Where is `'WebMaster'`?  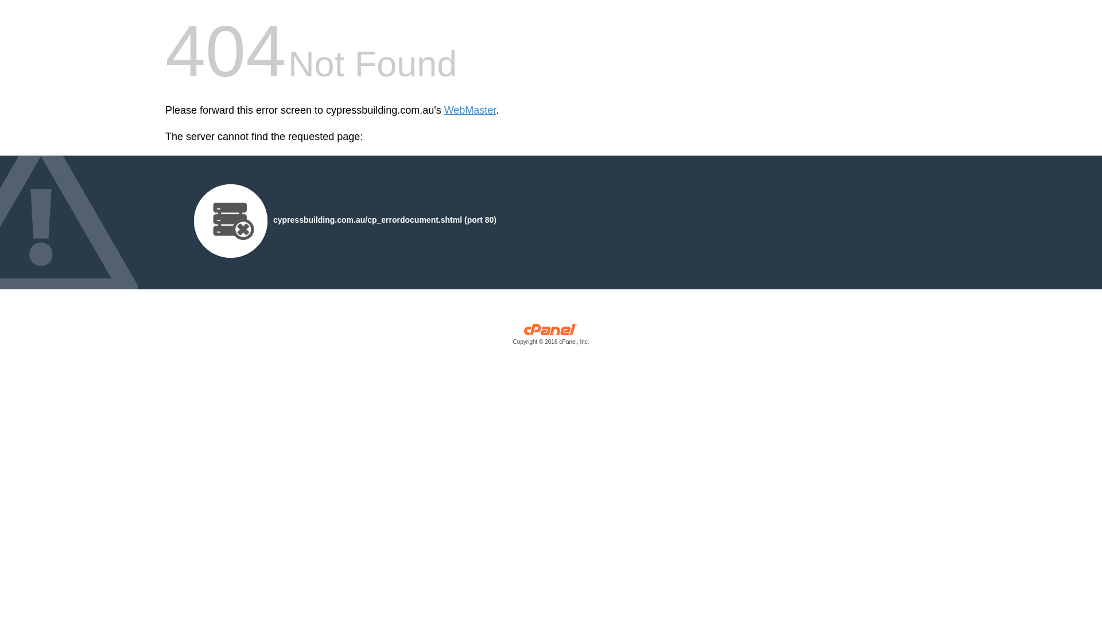 'WebMaster' is located at coordinates (443, 110).